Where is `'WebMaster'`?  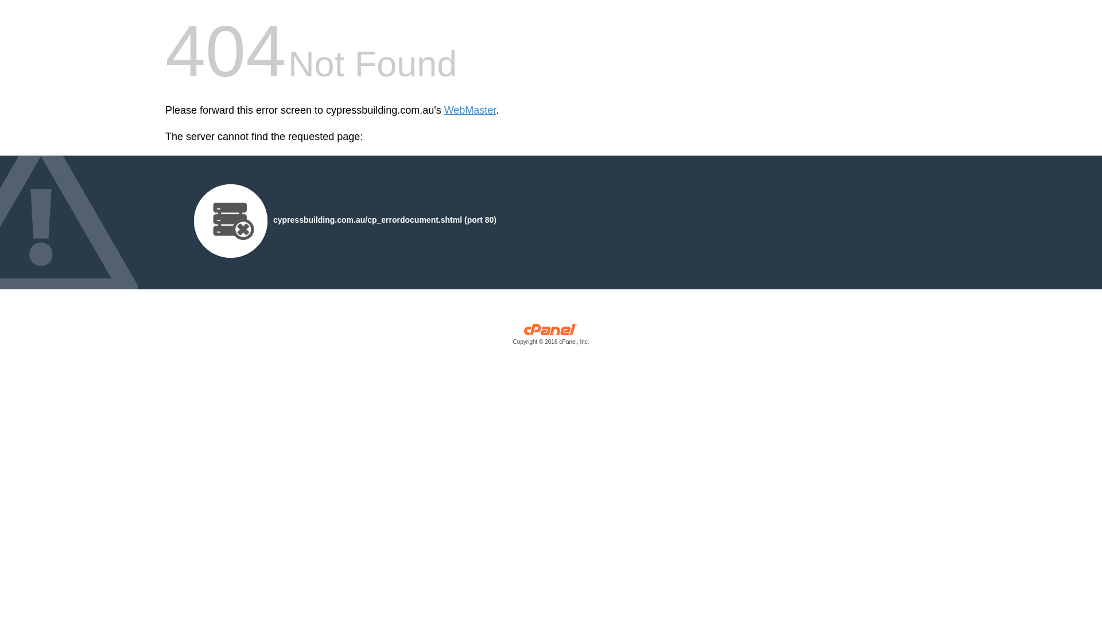 'WebMaster' is located at coordinates (443, 110).